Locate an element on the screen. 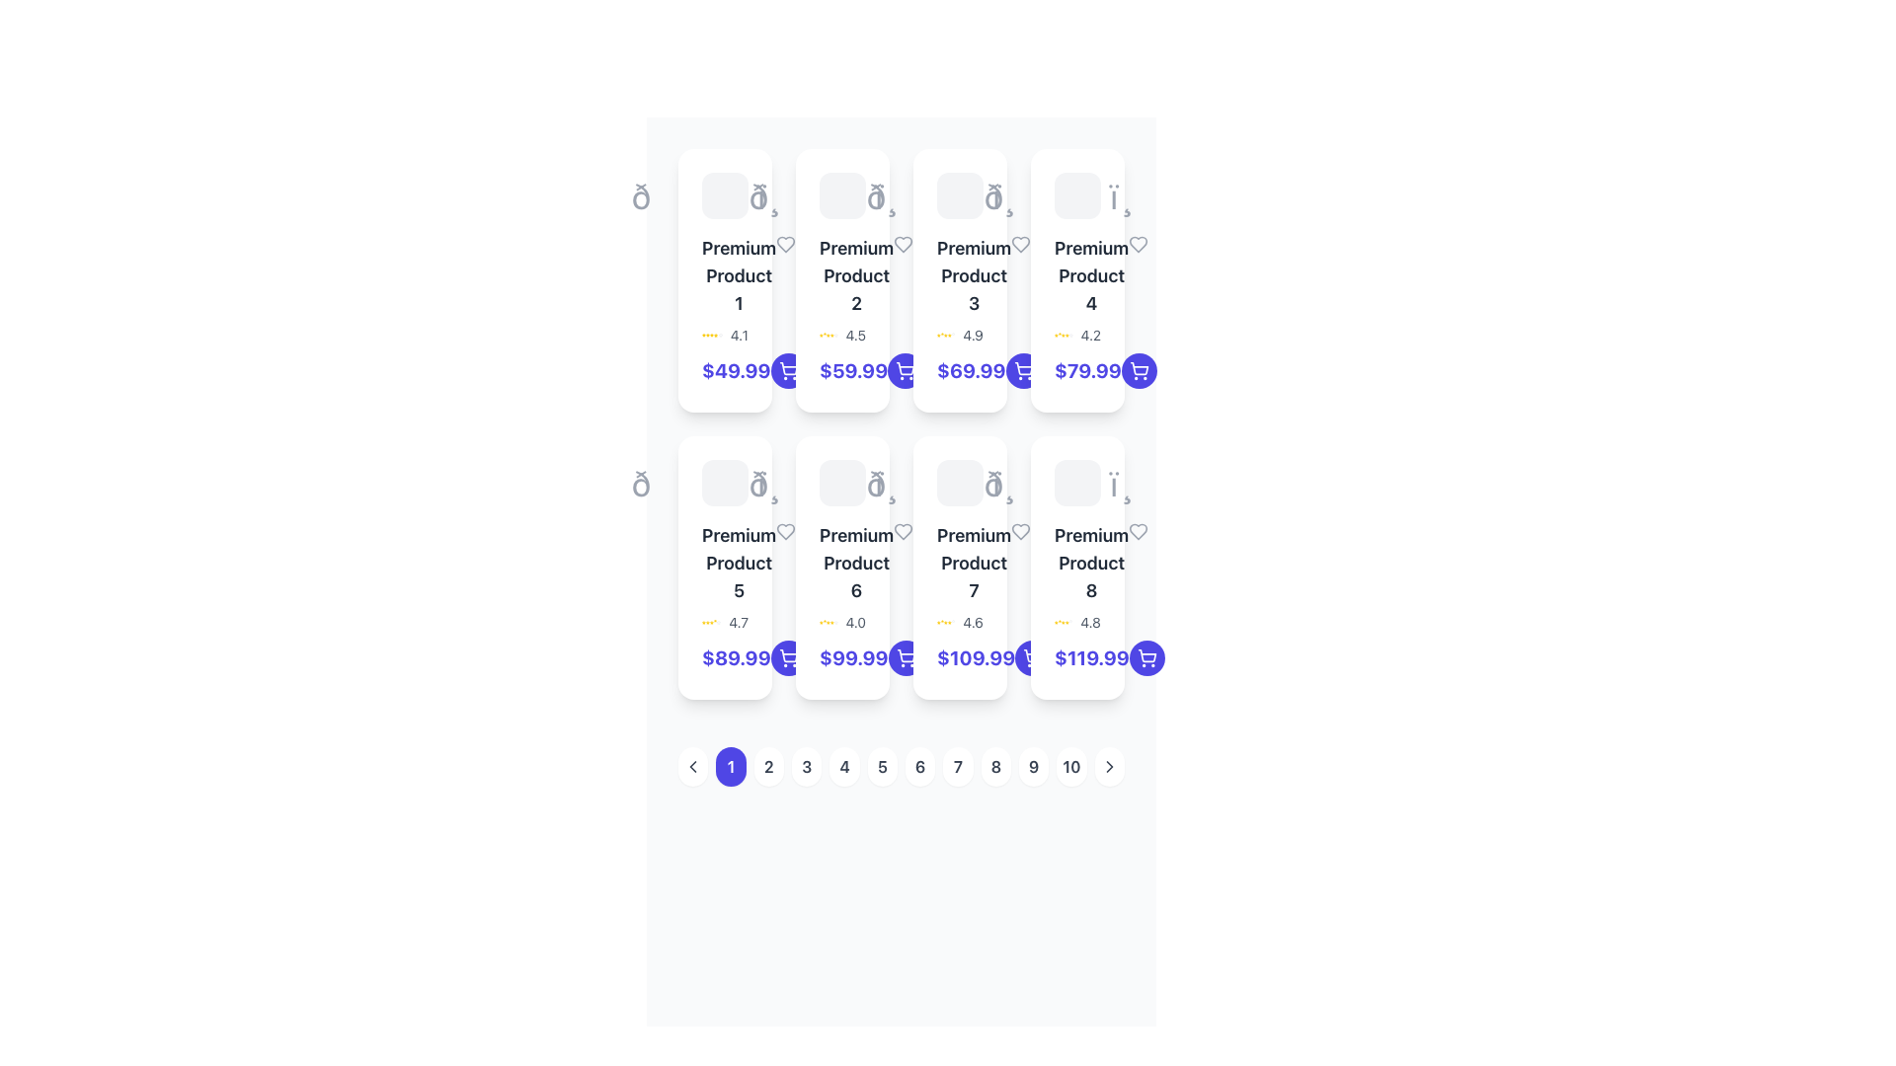 This screenshot has width=1896, height=1066. the stylized shopping cart icon button located at the bottom-right corner of the 'Premium Product 8' card is located at coordinates (1146, 655).